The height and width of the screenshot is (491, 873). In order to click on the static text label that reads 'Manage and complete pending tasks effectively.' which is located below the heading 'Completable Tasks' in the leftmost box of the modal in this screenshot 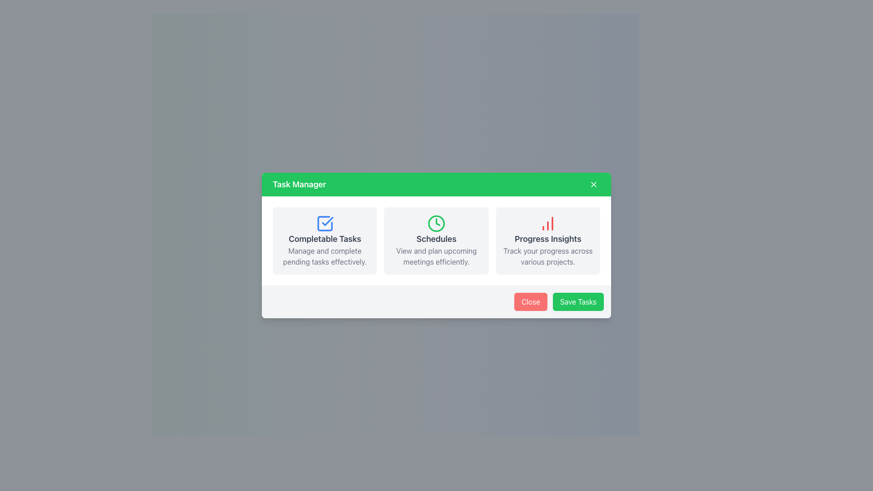, I will do `click(325, 256)`.